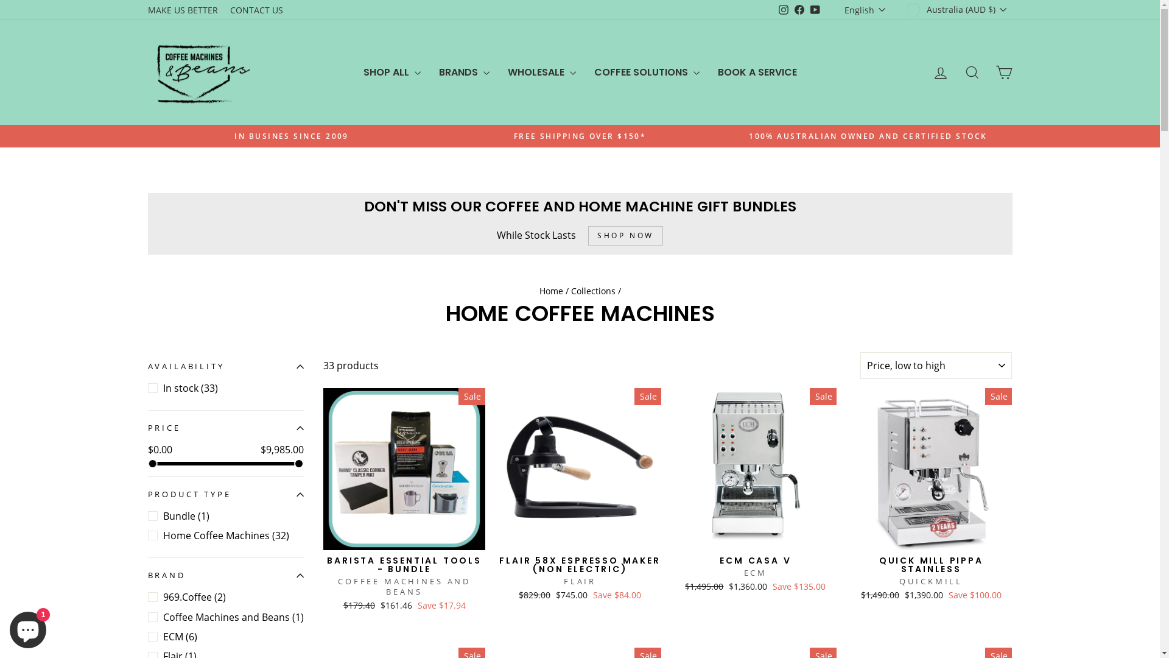 The image size is (1169, 658). I want to click on 'Home', so click(550, 291).